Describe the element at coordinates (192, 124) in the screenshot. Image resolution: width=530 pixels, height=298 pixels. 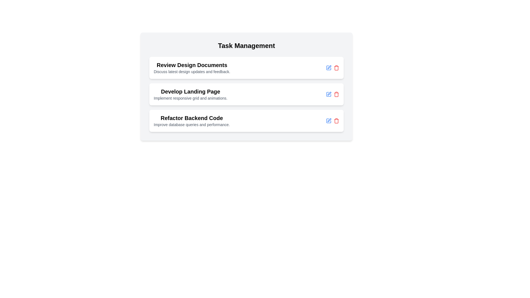
I see `the static text element that provides details about the task 'Refactor Backend Code', located beneath the task title in the third module of a vertically-stacked list` at that location.